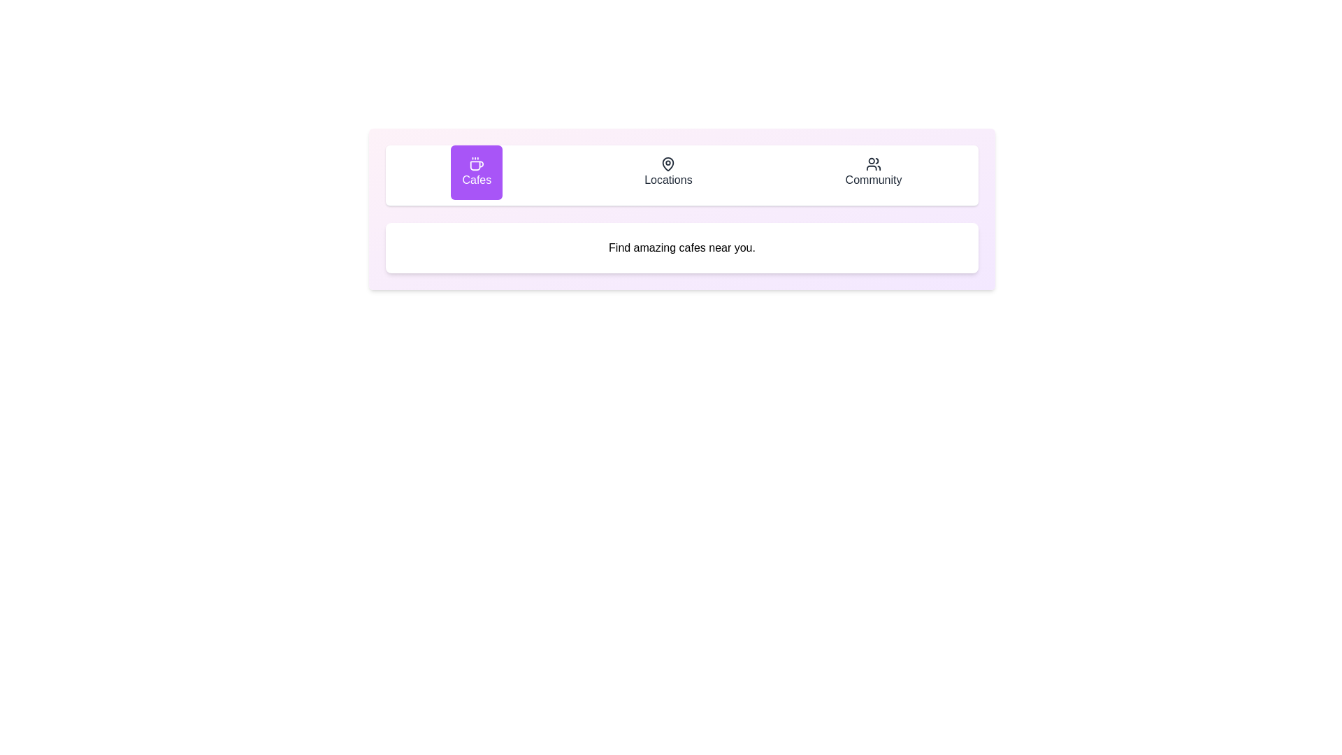 The image size is (1342, 755). Describe the element at coordinates (477, 171) in the screenshot. I see `the purple button labeled 'Cafes' with a coffee cup icon for accessibility interaction` at that location.